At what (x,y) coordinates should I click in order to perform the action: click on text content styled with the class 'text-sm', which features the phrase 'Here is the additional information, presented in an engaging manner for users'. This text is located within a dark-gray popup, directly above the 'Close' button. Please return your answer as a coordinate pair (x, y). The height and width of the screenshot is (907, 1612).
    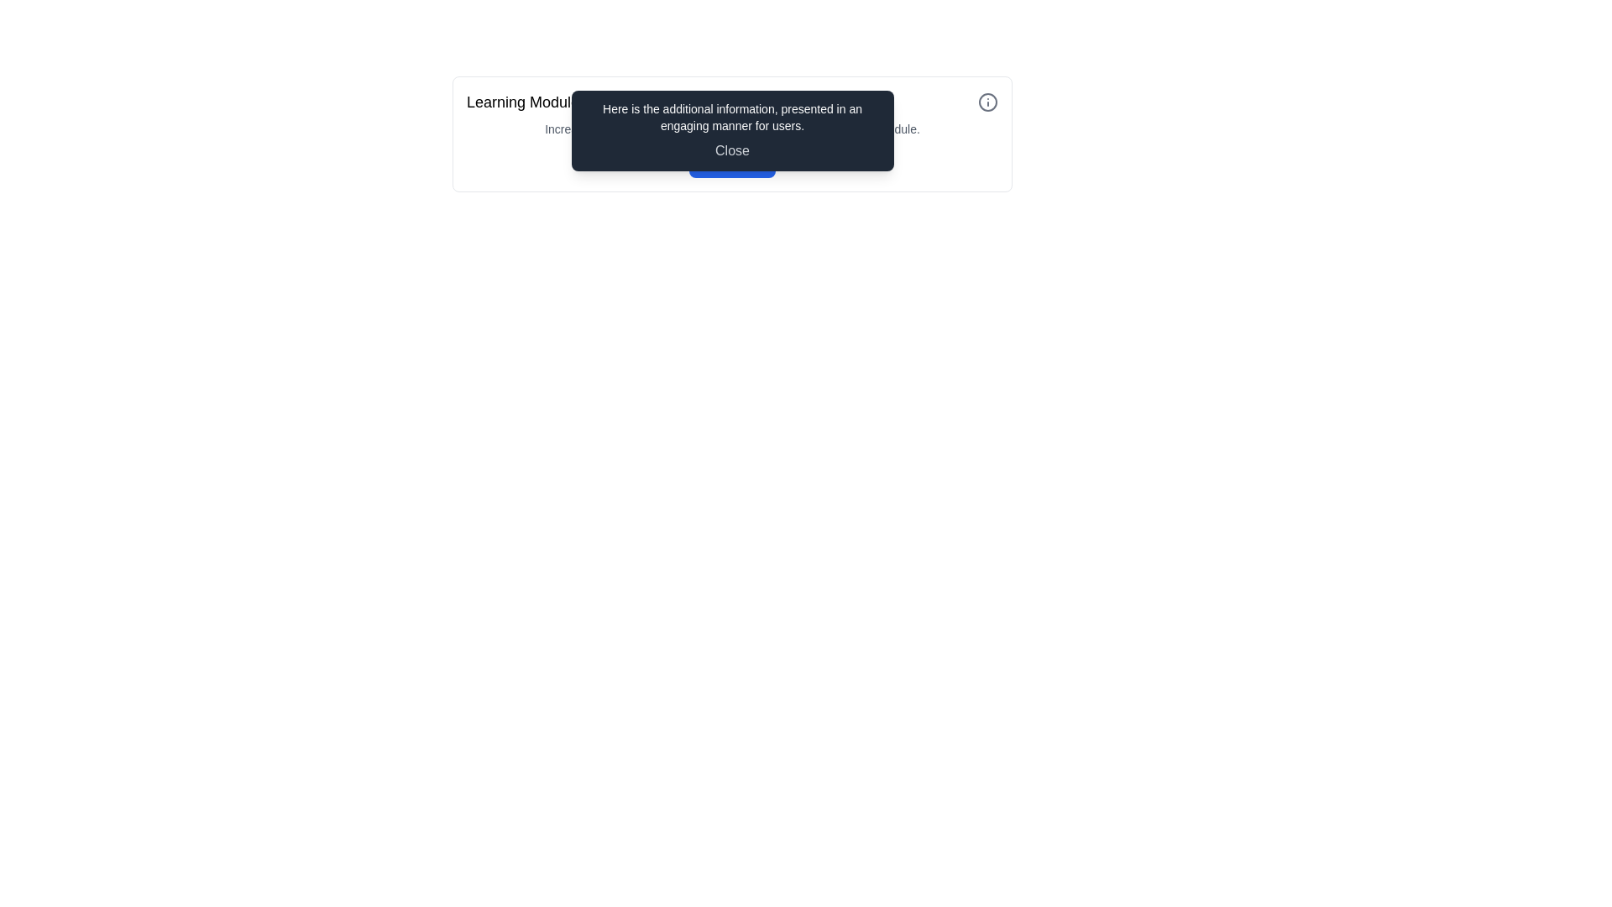
    Looking at the image, I should click on (732, 116).